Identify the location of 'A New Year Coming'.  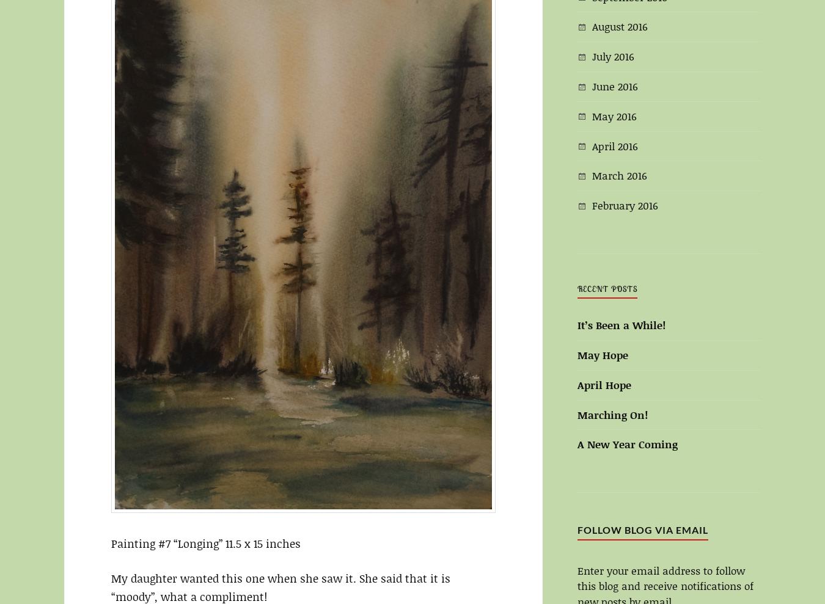
(627, 444).